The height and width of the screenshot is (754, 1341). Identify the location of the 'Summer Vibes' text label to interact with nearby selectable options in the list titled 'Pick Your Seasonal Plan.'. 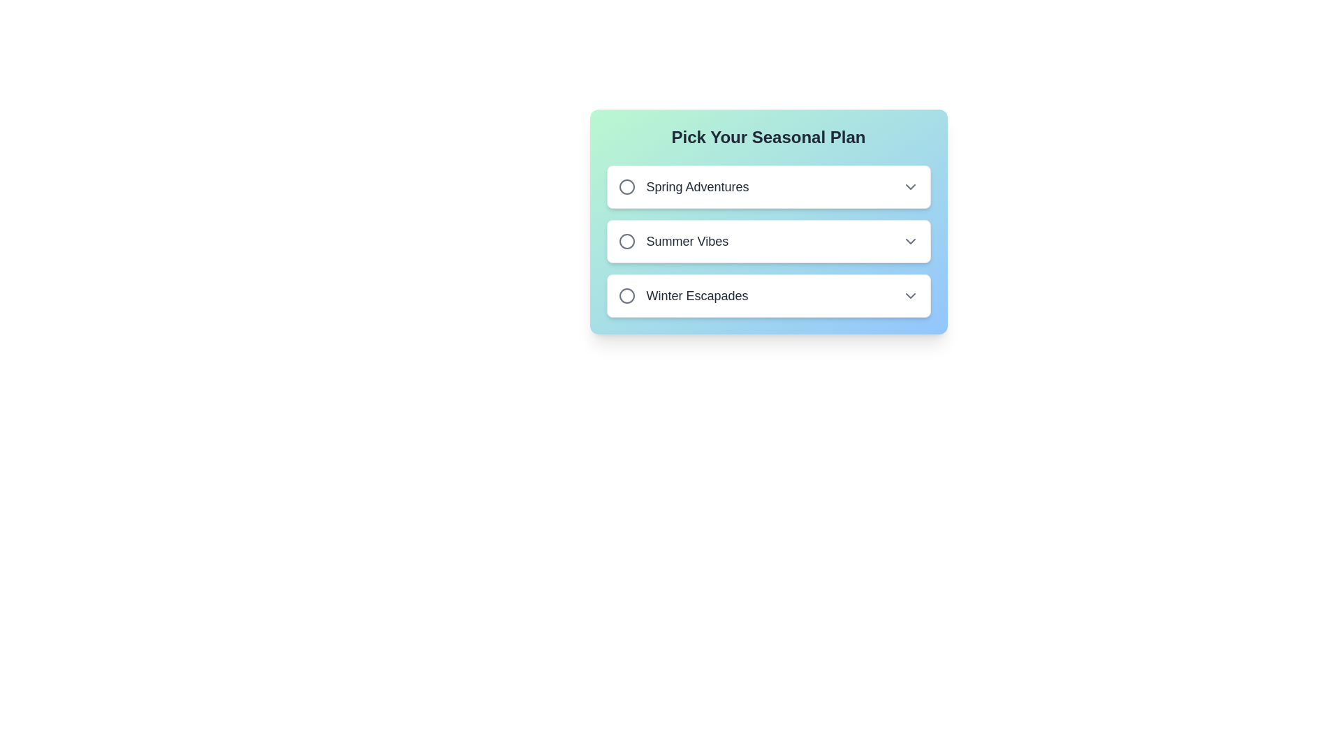
(687, 241).